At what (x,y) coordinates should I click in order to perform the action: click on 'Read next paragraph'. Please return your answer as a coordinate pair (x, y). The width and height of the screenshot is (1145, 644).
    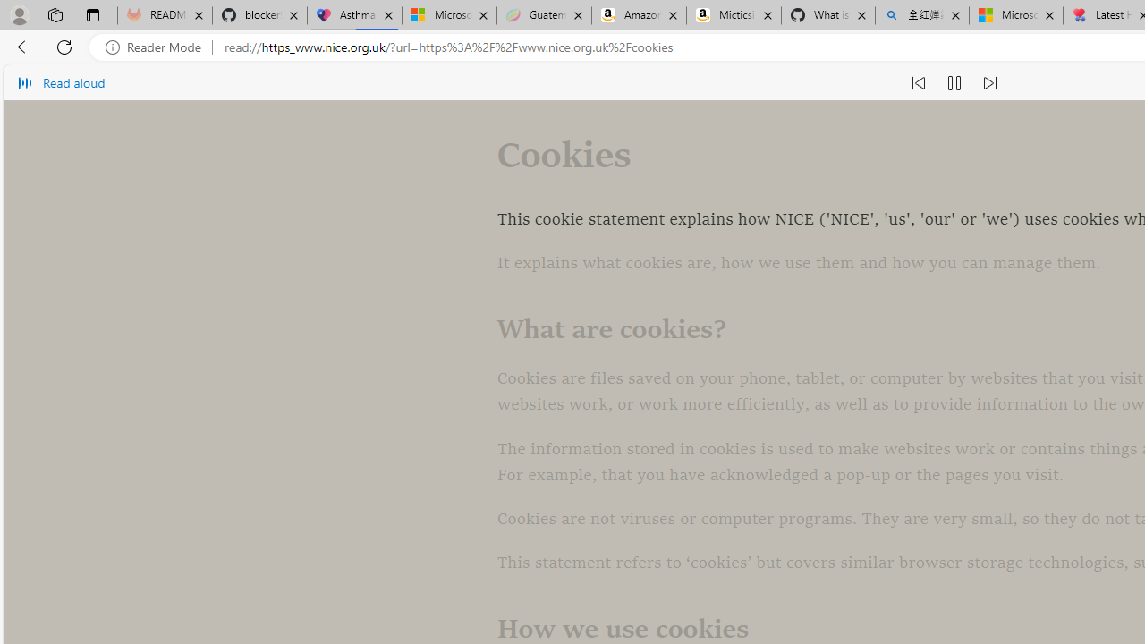
    Looking at the image, I should click on (988, 82).